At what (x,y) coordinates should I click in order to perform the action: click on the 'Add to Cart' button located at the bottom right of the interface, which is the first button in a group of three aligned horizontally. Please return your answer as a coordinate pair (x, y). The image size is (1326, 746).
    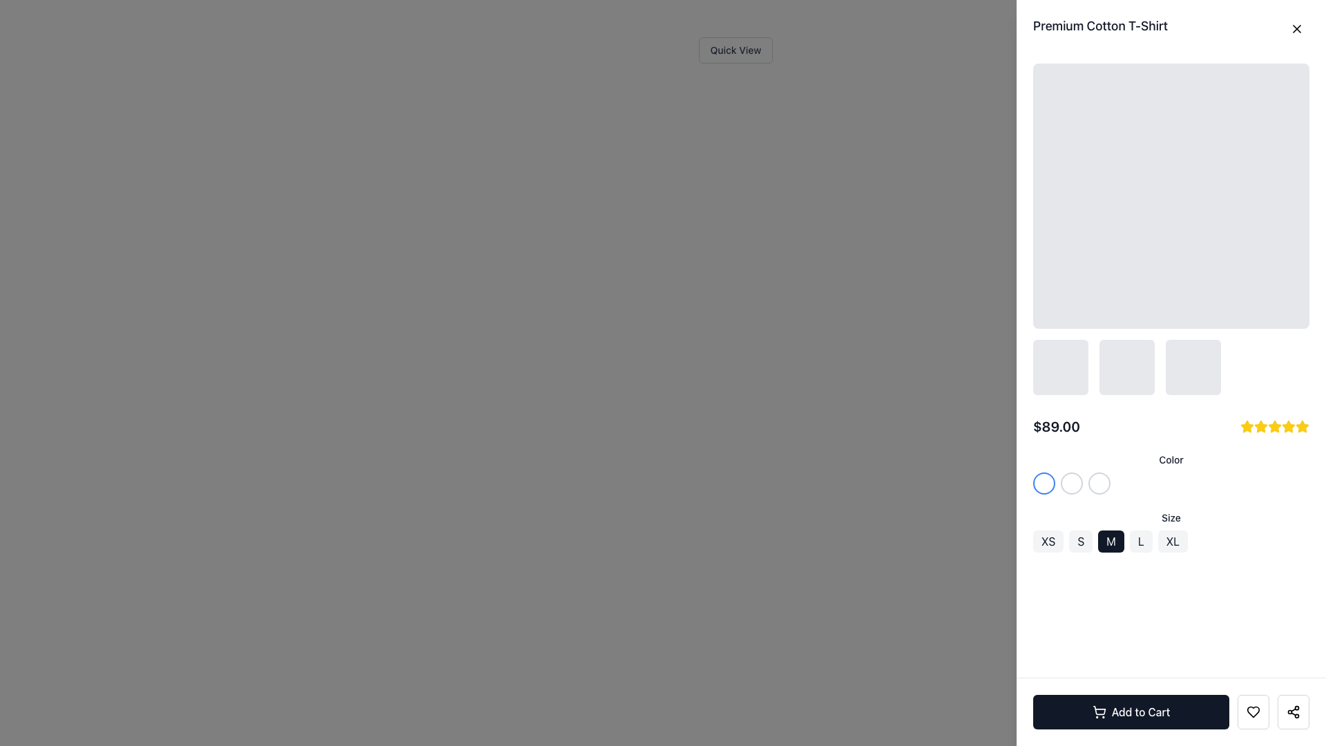
    Looking at the image, I should click on (1131, 711).